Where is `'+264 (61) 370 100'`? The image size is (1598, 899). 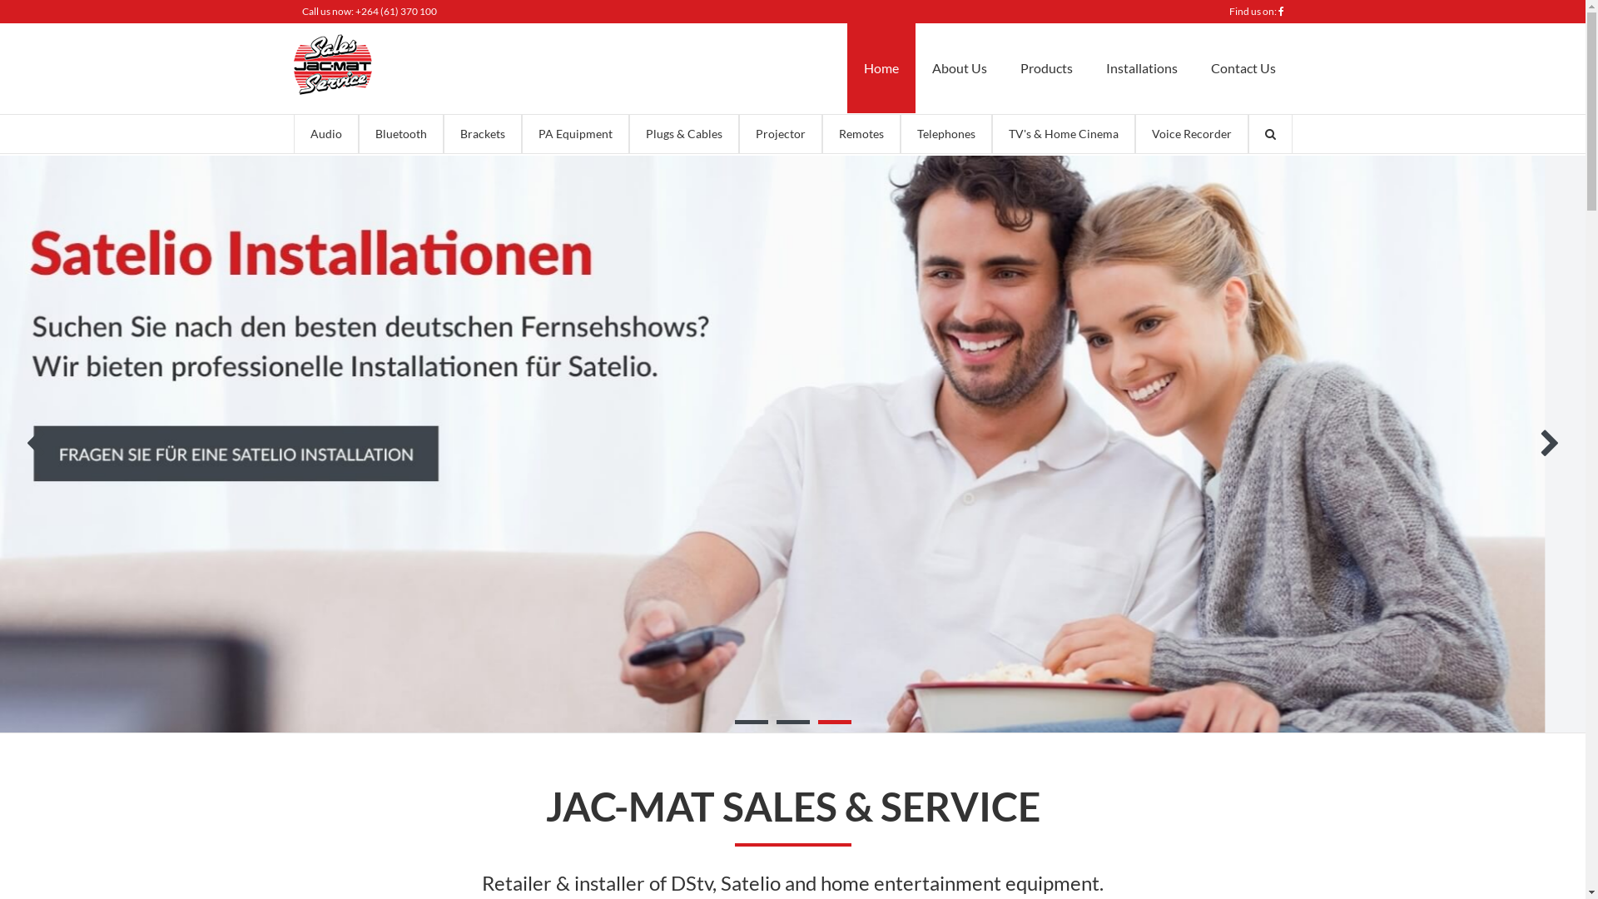
'+264 (61) 370 100' is located at coordinates (395, 11).